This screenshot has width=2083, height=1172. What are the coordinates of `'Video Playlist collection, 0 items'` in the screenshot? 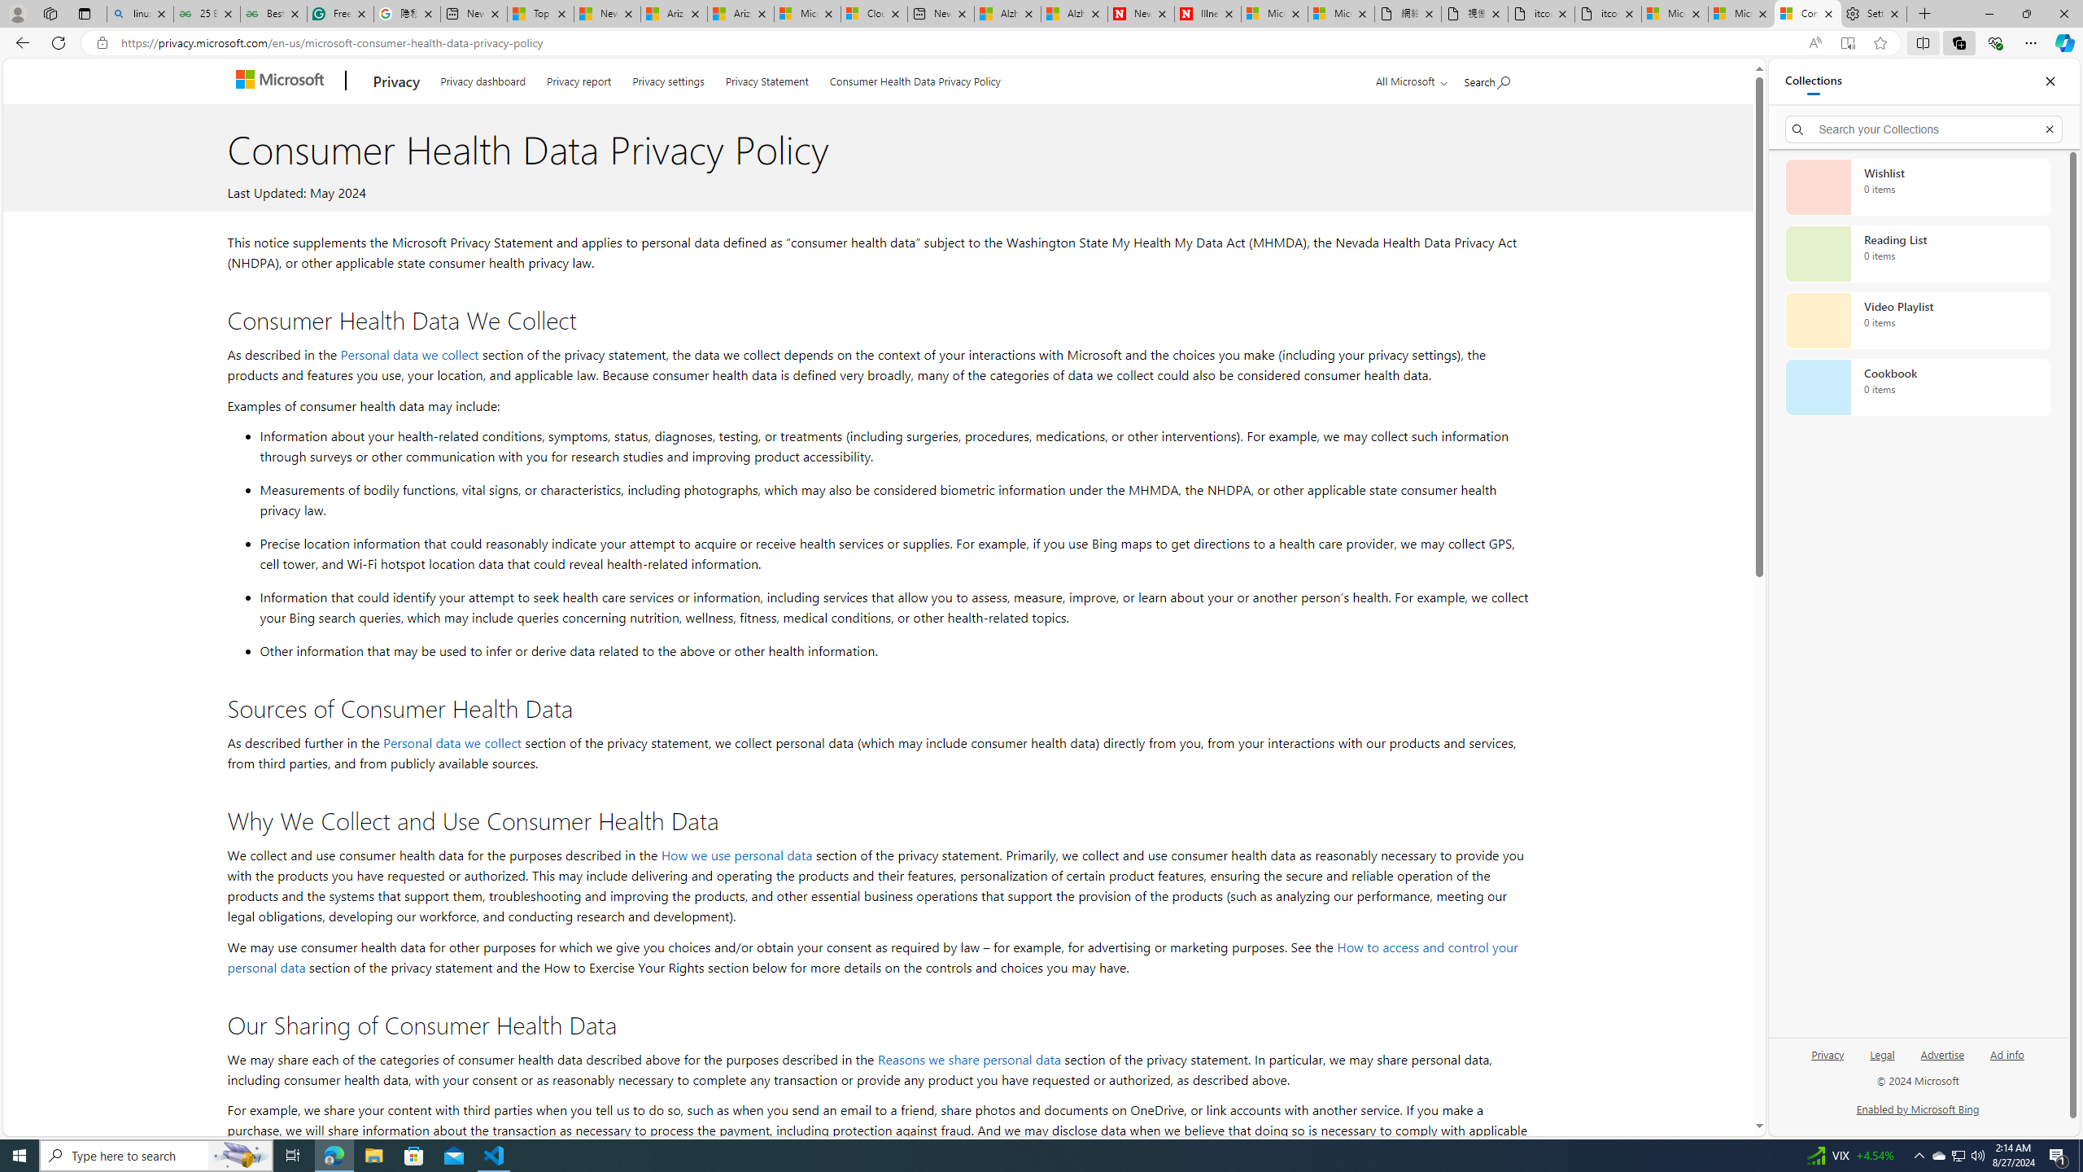 It's located at (1917, 319).